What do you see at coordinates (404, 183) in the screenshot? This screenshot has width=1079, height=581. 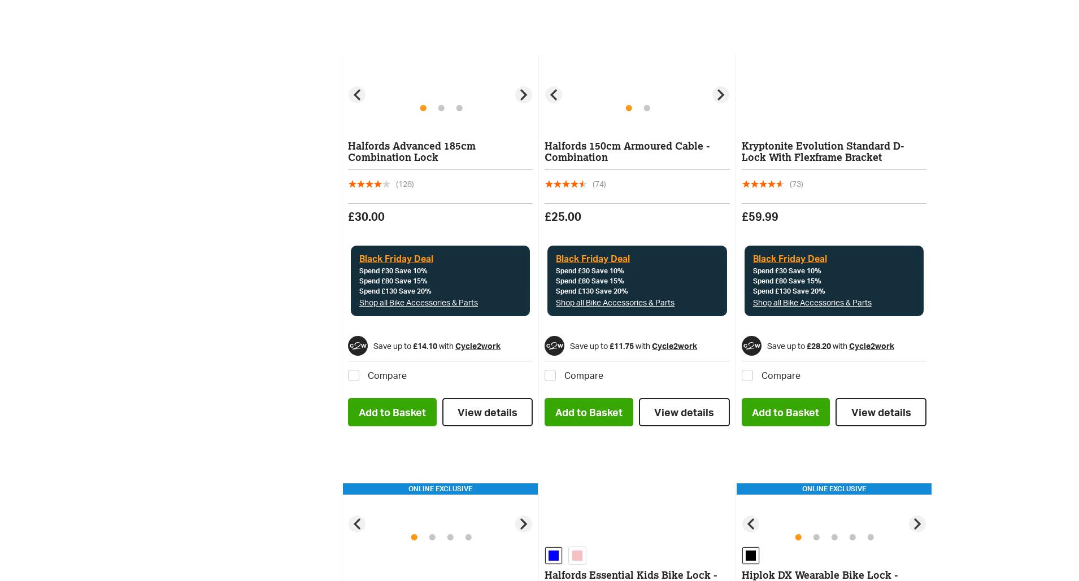 I see `'(128)'` at bounding box center [404, 183].